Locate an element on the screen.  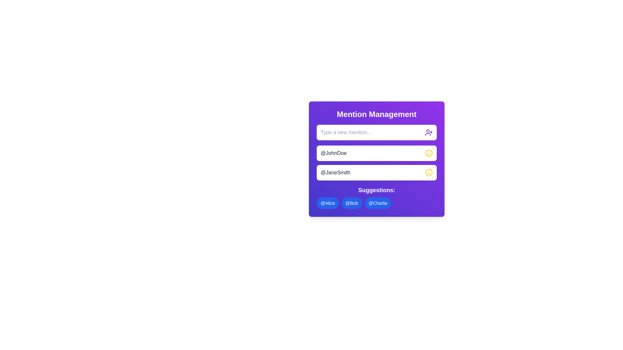
the emotional indicator icon associated with '@JohnDoe' is located at coordinates (429, 153).